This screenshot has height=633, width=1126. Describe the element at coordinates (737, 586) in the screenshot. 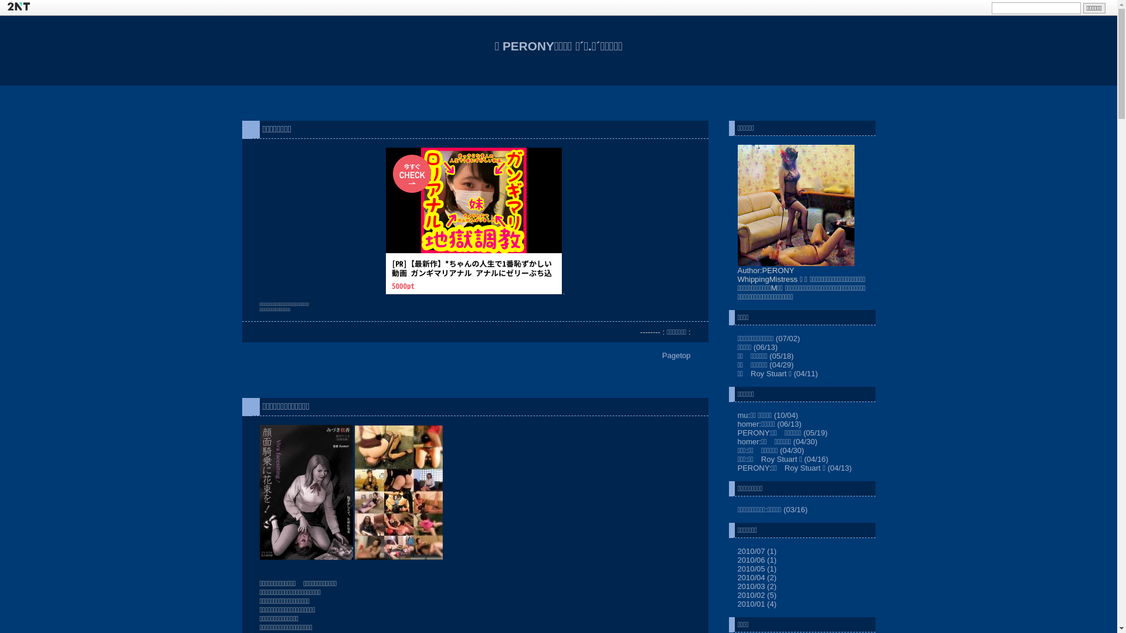

I see `'2010/03 (2)'` at that location.